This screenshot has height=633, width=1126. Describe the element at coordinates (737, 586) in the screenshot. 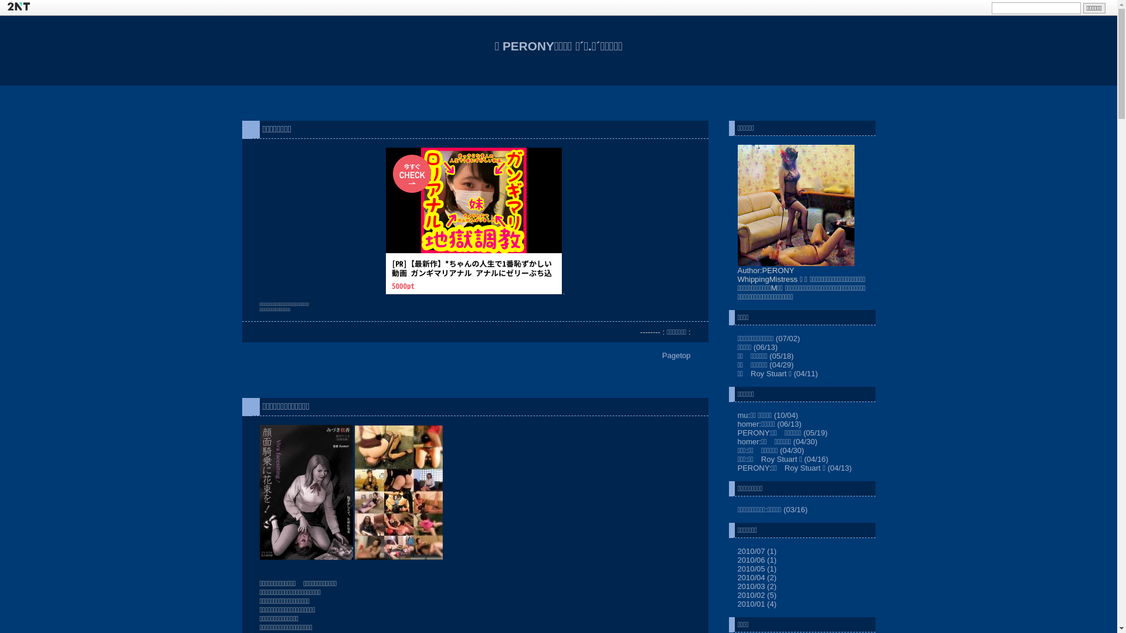

I see `'2010/03 (2)'` at that location.